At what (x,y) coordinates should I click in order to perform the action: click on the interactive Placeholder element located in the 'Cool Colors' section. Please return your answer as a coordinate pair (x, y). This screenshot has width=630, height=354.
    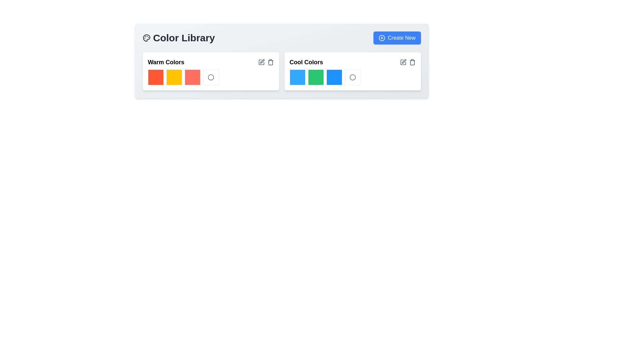
    Looking at the image, I should click on (352, 77).